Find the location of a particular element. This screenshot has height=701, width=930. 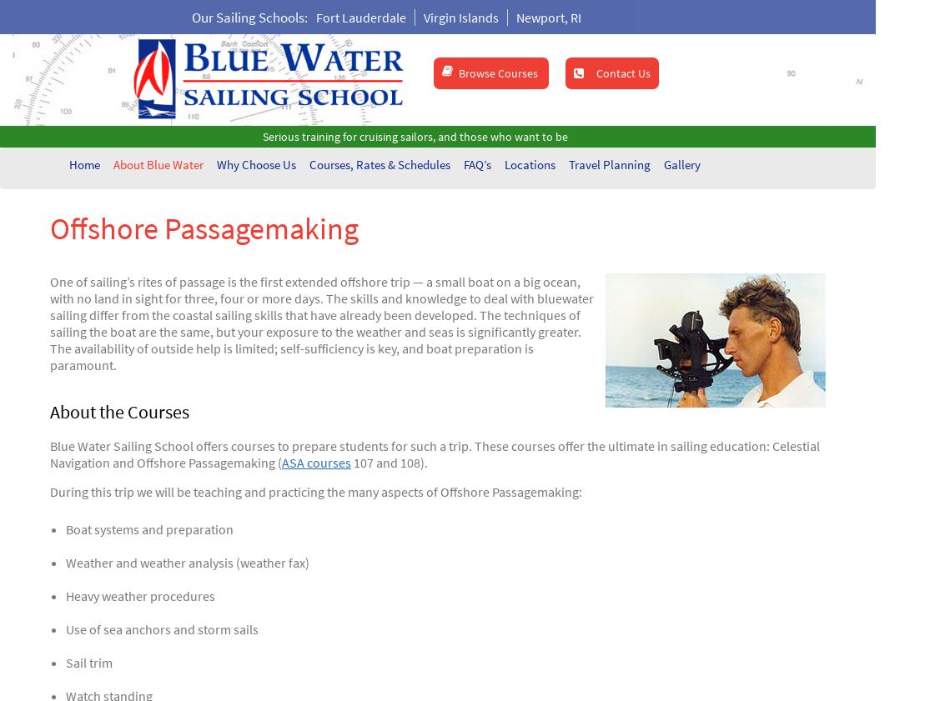

'During this trip we will be teaching and practicing the many aspects of Offshore Passagemaking:' is located at coordinates (314, 491).